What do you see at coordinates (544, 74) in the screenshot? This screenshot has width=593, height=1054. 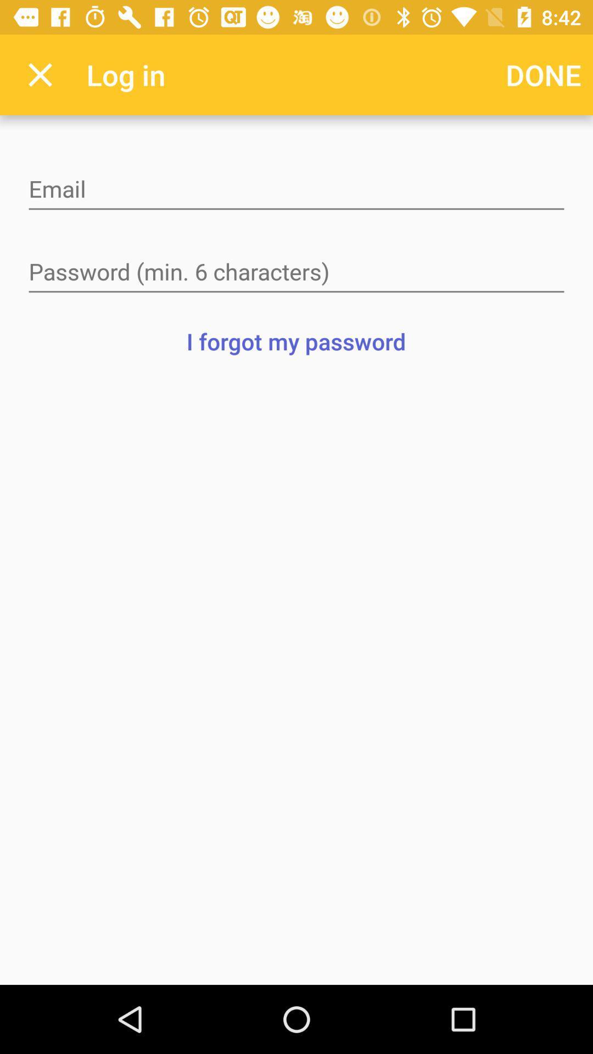 I see `the item next to the log in item` at bounding box center [544, 74].